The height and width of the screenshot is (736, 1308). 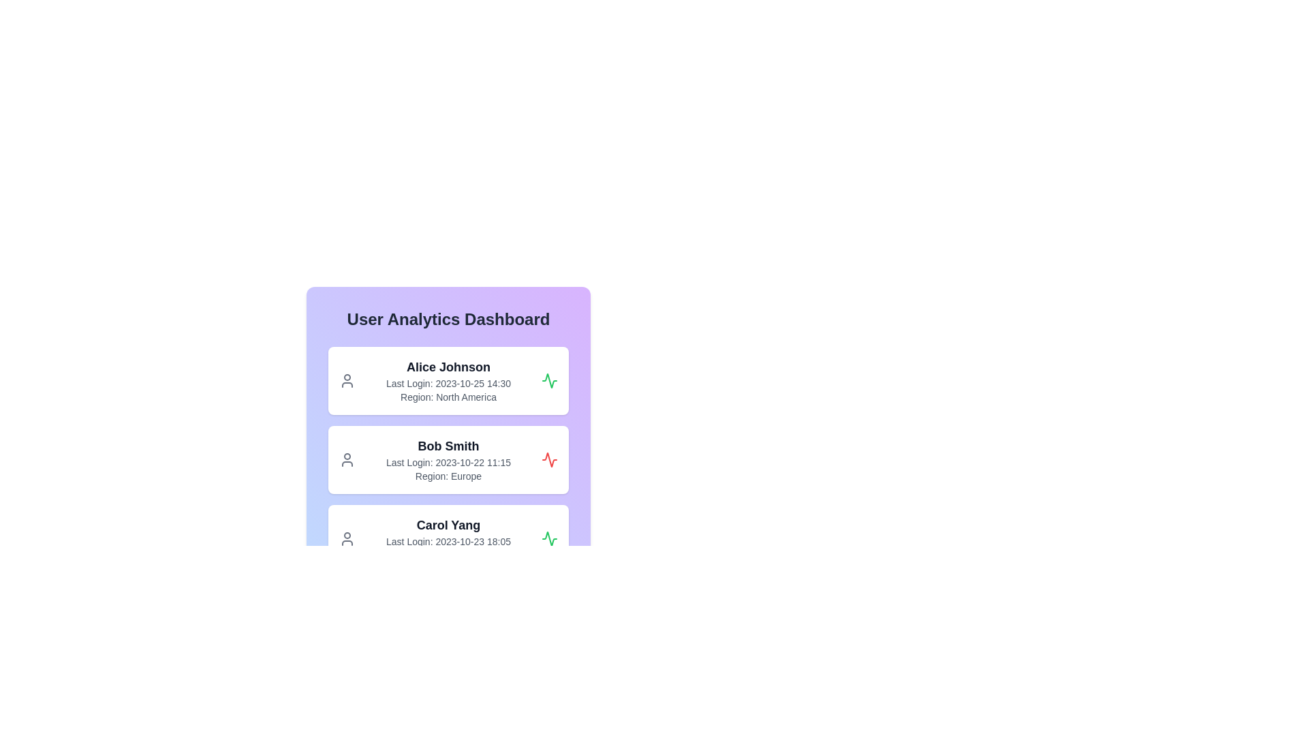 What do you see at coordinates (448, 381) in the screenshot?
I see `the Profile Information Card located at the top of the user profile list in the User Analytics Dashboard to interact with its sub-elements` at bounding box center [448, 381].